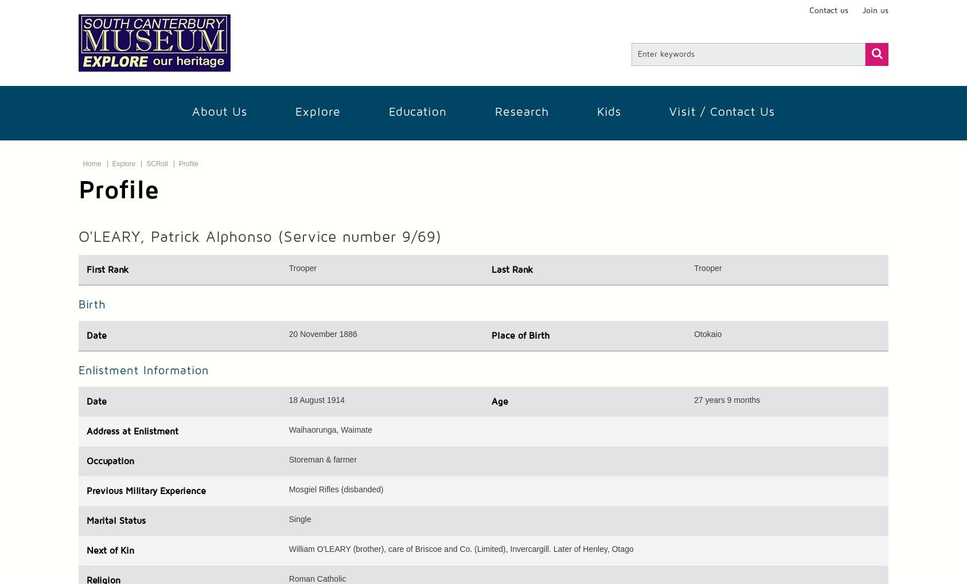  Describe the element at coordinates (322, 459) in the screenshot. I see `'Storeman & farmer'` at that location.